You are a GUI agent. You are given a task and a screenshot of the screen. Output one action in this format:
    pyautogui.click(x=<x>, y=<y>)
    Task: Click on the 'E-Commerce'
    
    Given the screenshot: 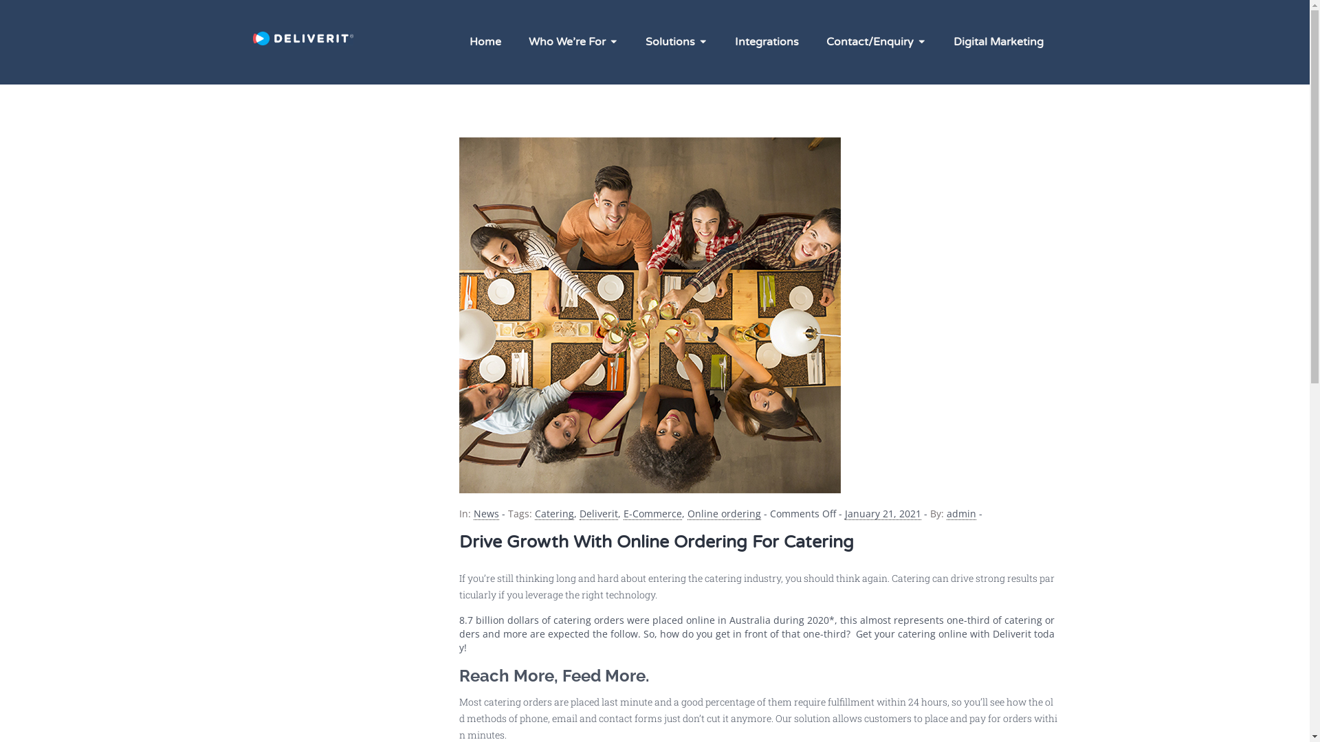 What is the action you would take?
    pyautogui.click(x=651, y=514)
    